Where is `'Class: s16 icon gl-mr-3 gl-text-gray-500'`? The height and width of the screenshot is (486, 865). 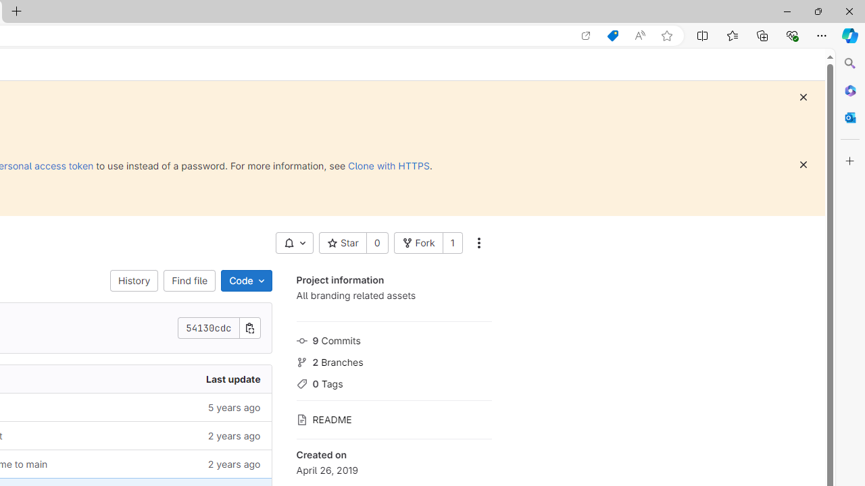 'Class: s16 icon gl-mr-3 gl-text-gray-500' is located at coordinates (301, 419).